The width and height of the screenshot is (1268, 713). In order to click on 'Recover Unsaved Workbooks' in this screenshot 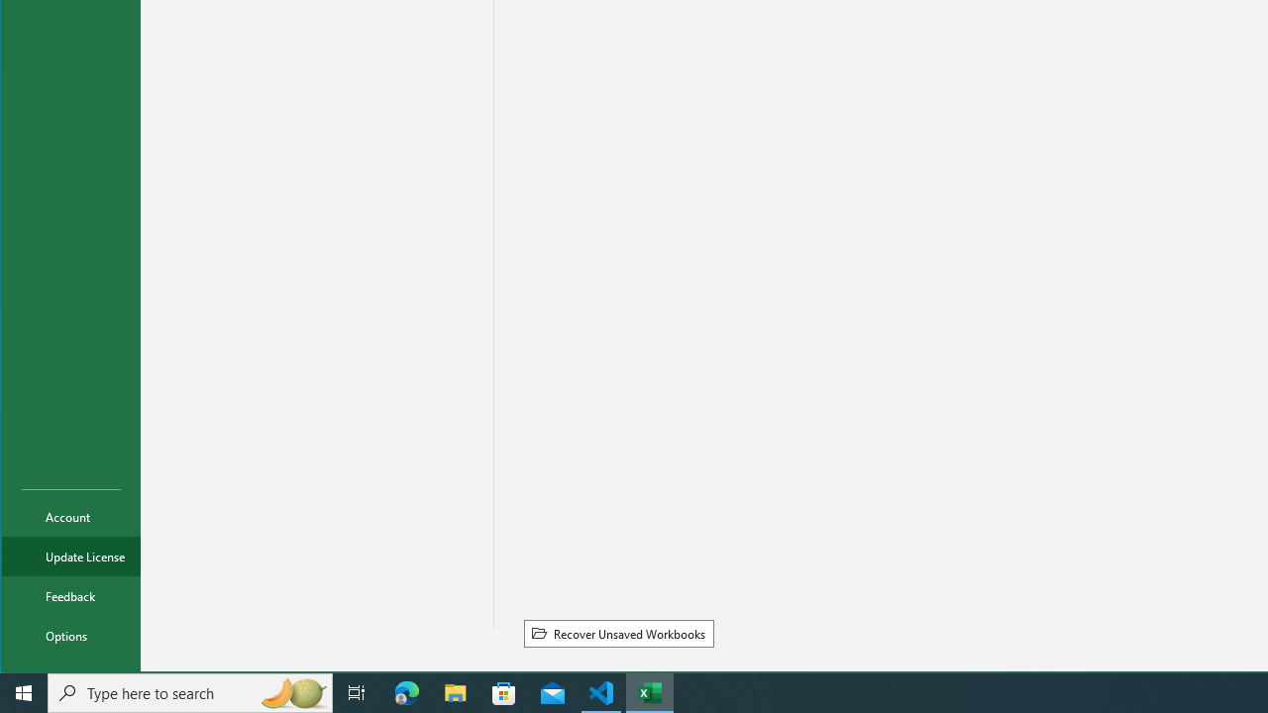, I will do `click(617, 633)`.